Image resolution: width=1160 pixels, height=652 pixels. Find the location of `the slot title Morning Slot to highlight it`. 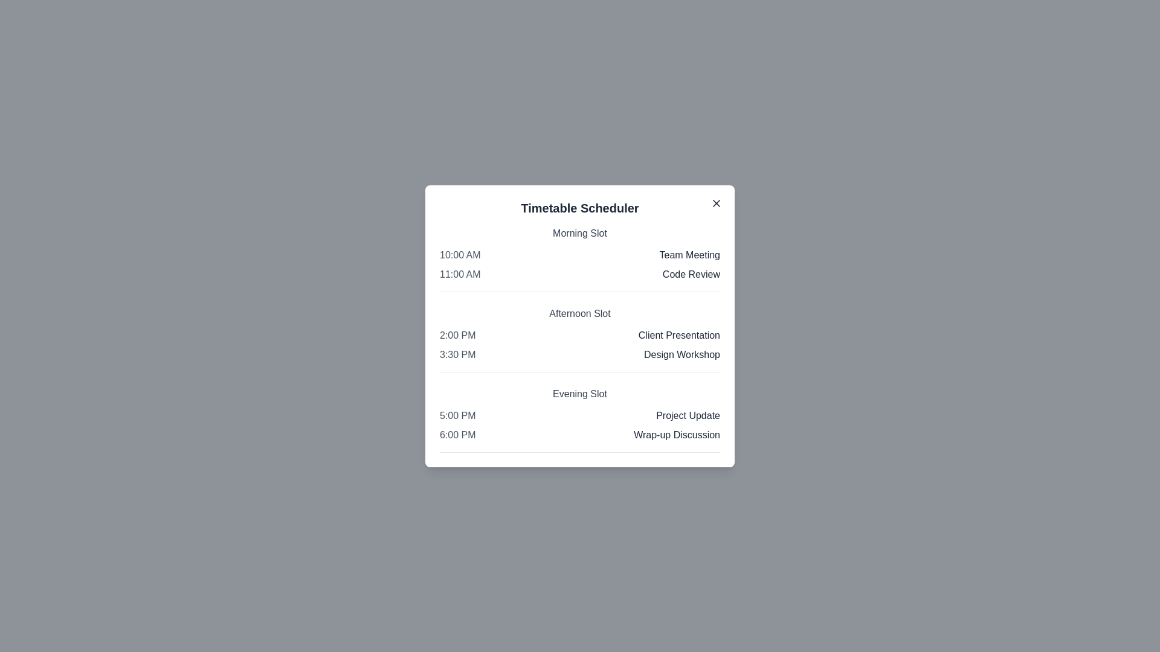

the slot title Morning Slot to highlight it is located at coordinates (580, 233).